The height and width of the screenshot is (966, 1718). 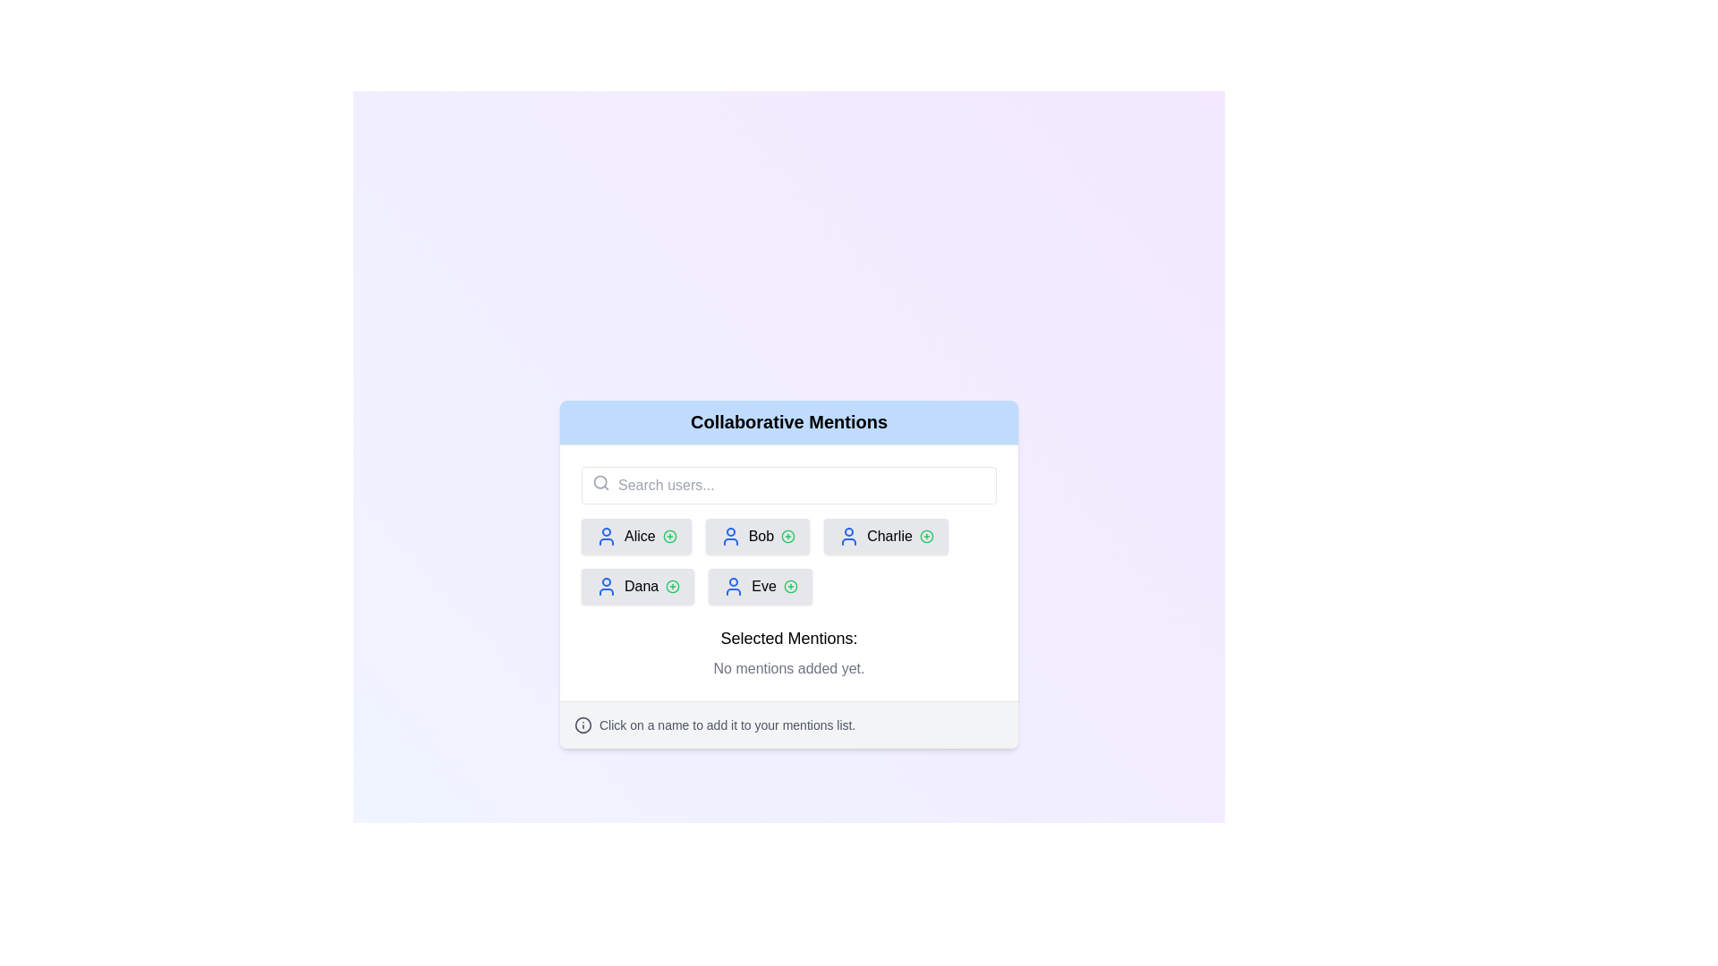 I want to click on the circular '+' icon button rendered in green, located near the name 'Alice', so click(x=668, y=535).